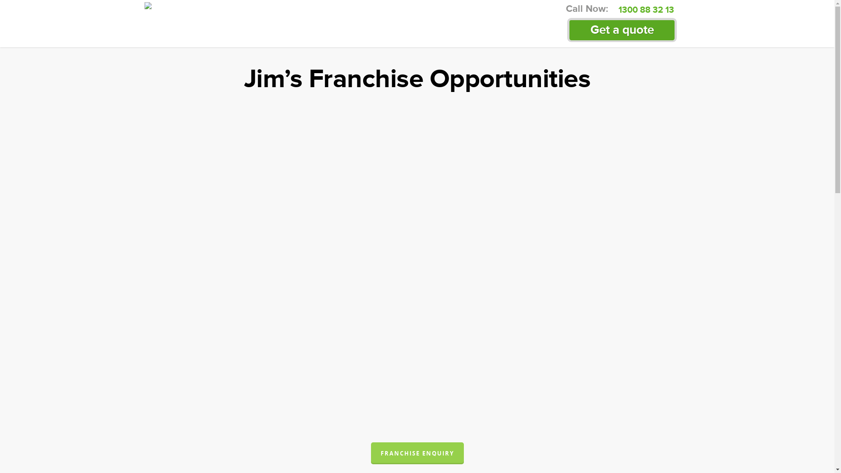  I want to click on 'Get a quote', so click(622, 29).